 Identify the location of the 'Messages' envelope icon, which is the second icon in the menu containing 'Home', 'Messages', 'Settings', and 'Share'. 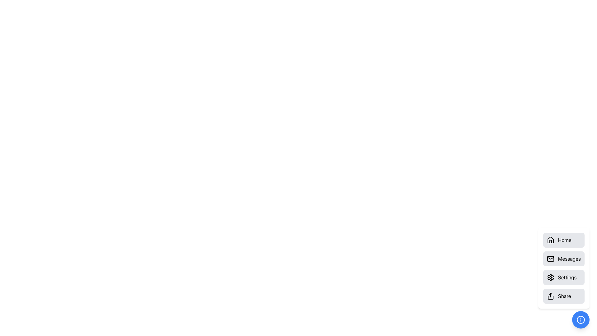
(550, 259).